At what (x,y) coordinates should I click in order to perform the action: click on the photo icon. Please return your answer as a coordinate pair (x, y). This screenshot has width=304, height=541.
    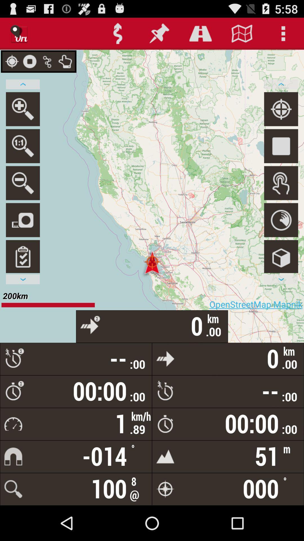
    Looking at the image, I should click on (23, 235).